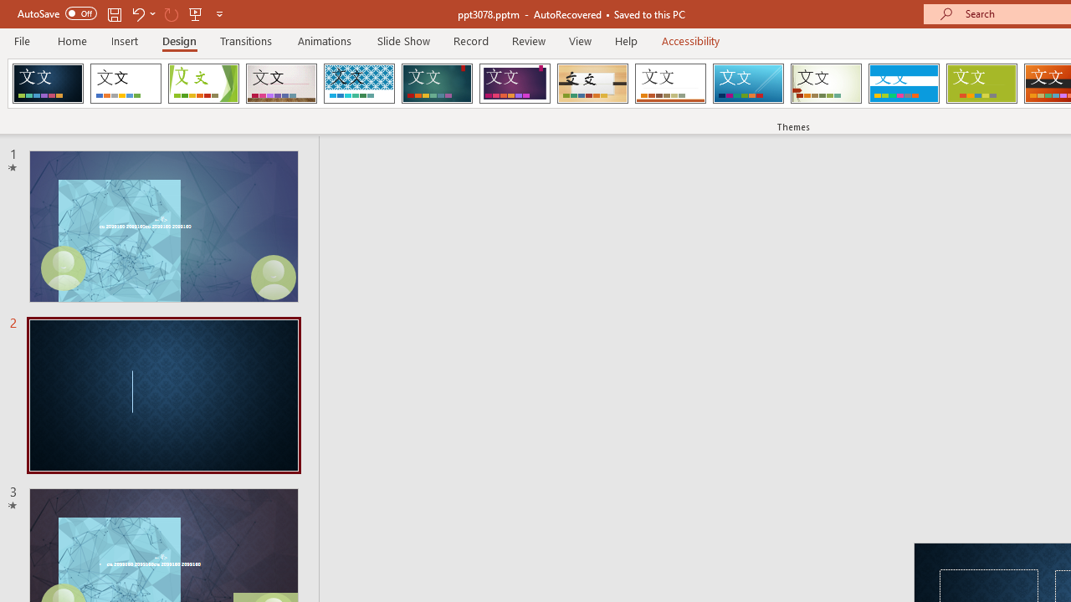 The image size is (1071, 602). What do you see at coordinates (125, 84) in the screenshot?
I see `'Office Theme'` at bounding box center [125, 84].